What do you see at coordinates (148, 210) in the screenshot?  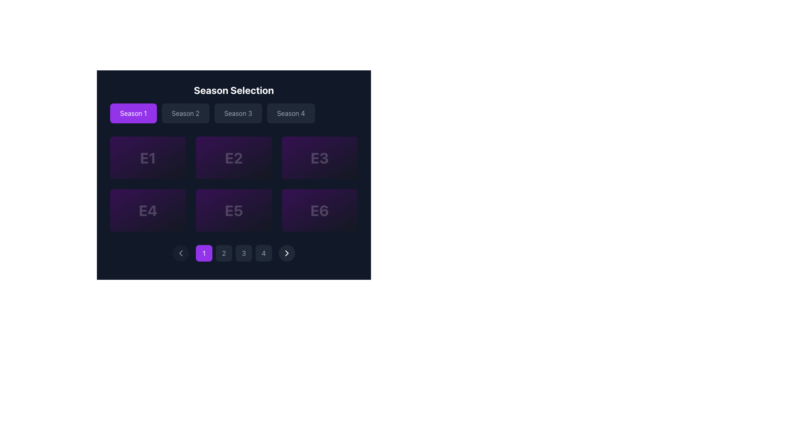 I see `the non-interactive text label displaying 'E4' which is centrally placed within a dark purple rectangular area in the second row, first column of a 2x3 grid structure` at bounding box center [148, 210].